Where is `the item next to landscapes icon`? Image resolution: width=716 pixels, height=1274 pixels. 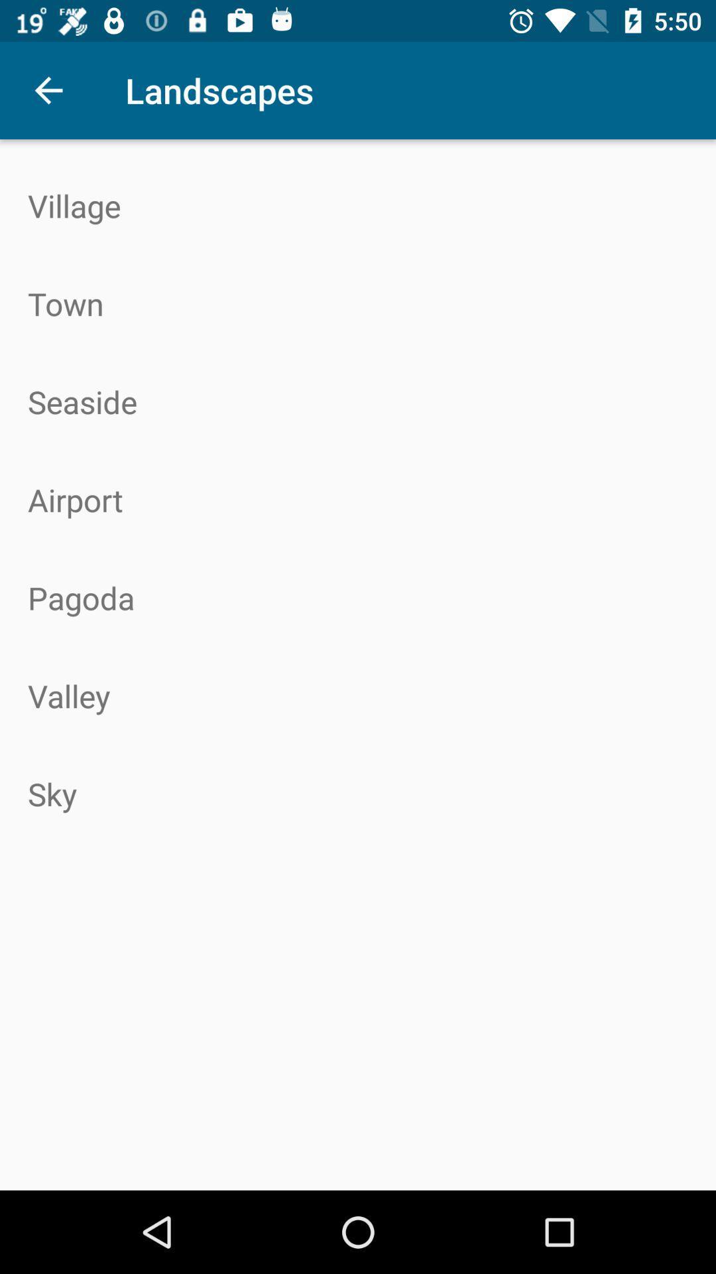 the item next to landscapes icon is located at coordinates (48, 90).